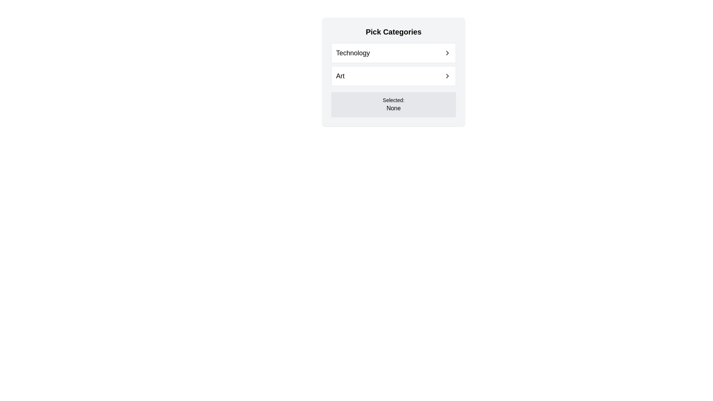  Describe the element at coordinates (393, 76) in the screenshot. I see `the 'Art' navigation button located below the 'Technology' option` at that location.